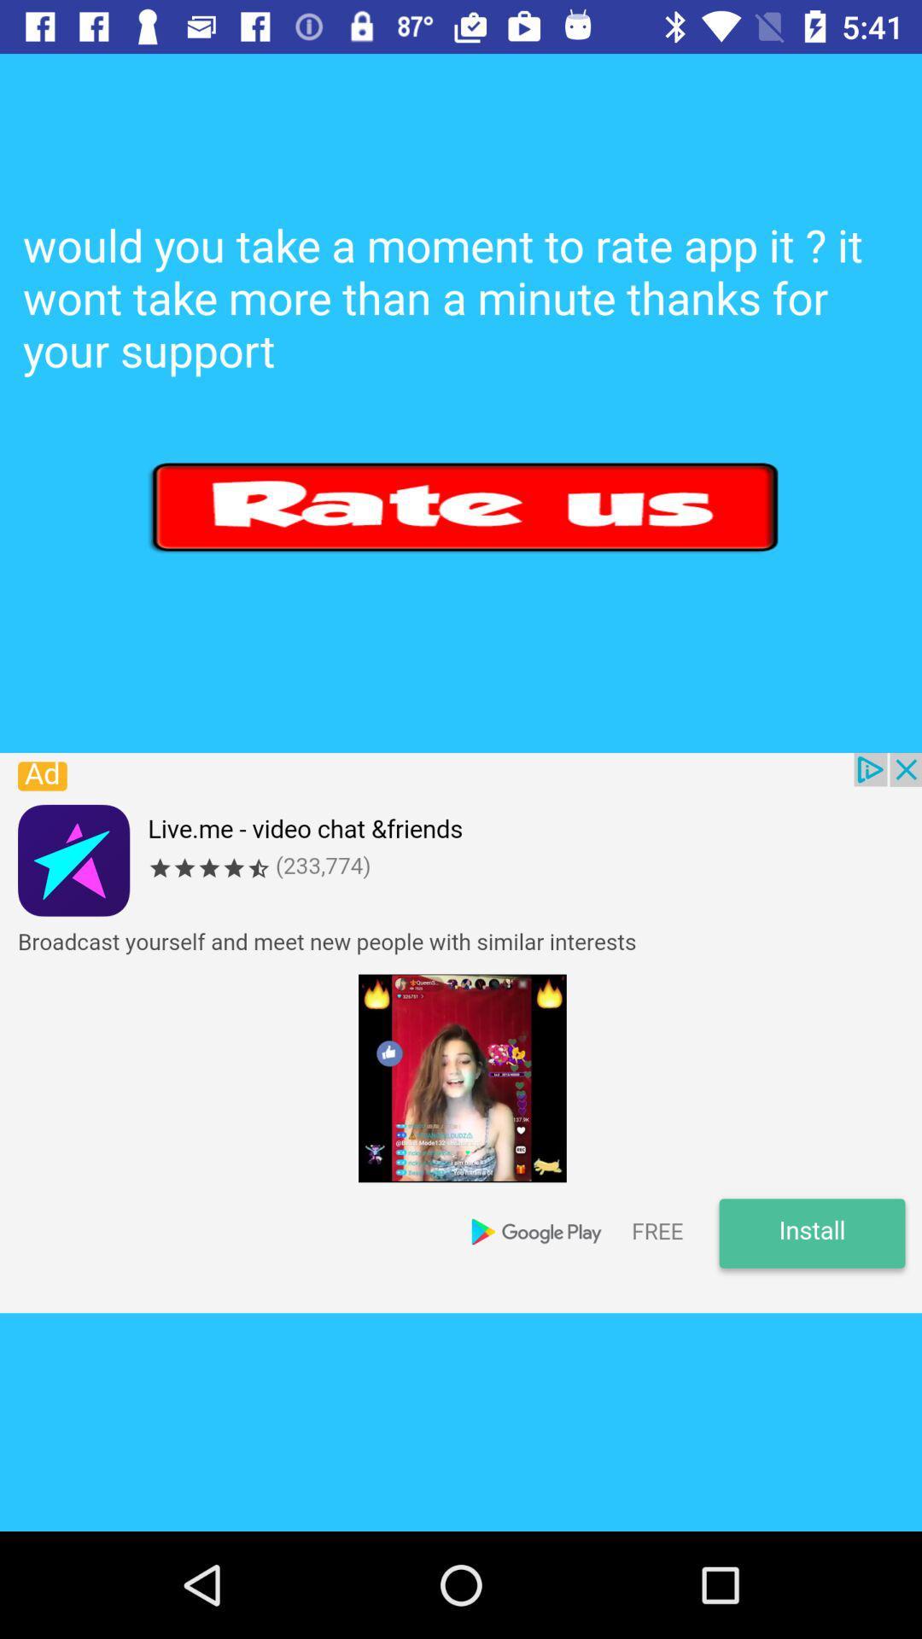  What do you see at coordinates (461, 1032) in the screenshot?
I see `advertisement page` at bounding box center [461, 1032].